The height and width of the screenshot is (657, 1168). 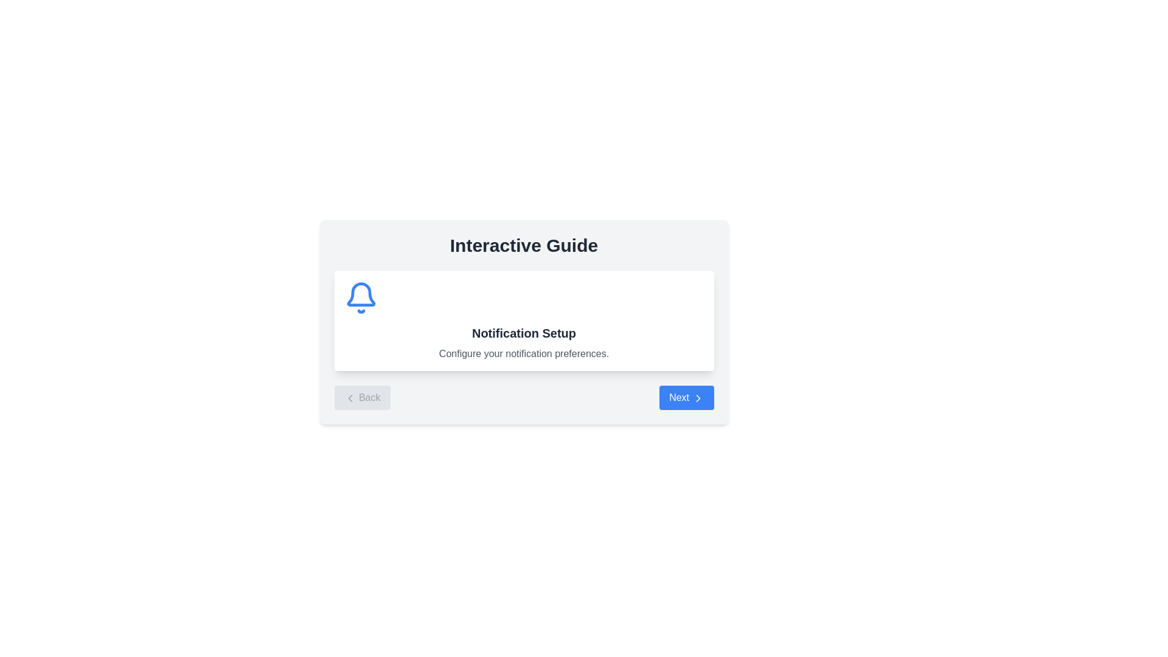 I want to click on title and description of the Information Card located centrally within the 'Interactive Guide' section, specifically the second item from the top, so click(x=524, y=321).